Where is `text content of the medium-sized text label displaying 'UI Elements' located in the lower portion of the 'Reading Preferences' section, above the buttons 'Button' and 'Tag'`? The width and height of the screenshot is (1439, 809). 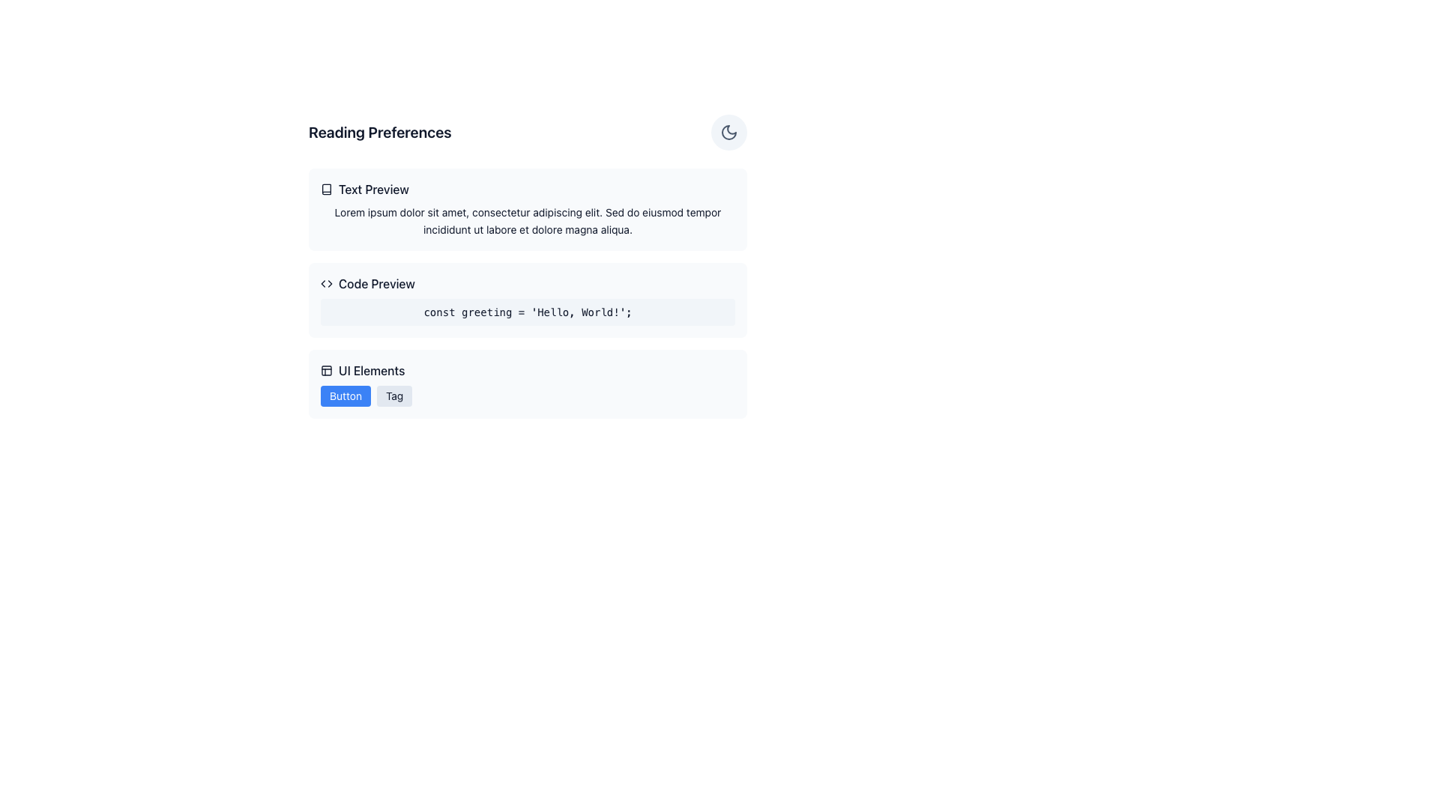 text content of the medium-sized text label displaying 'UI Elements' located in the lower portion of the 'Reading Preferences' section, above the buttons 'Button' and 'Tag' is located at coordinates (372, 370).